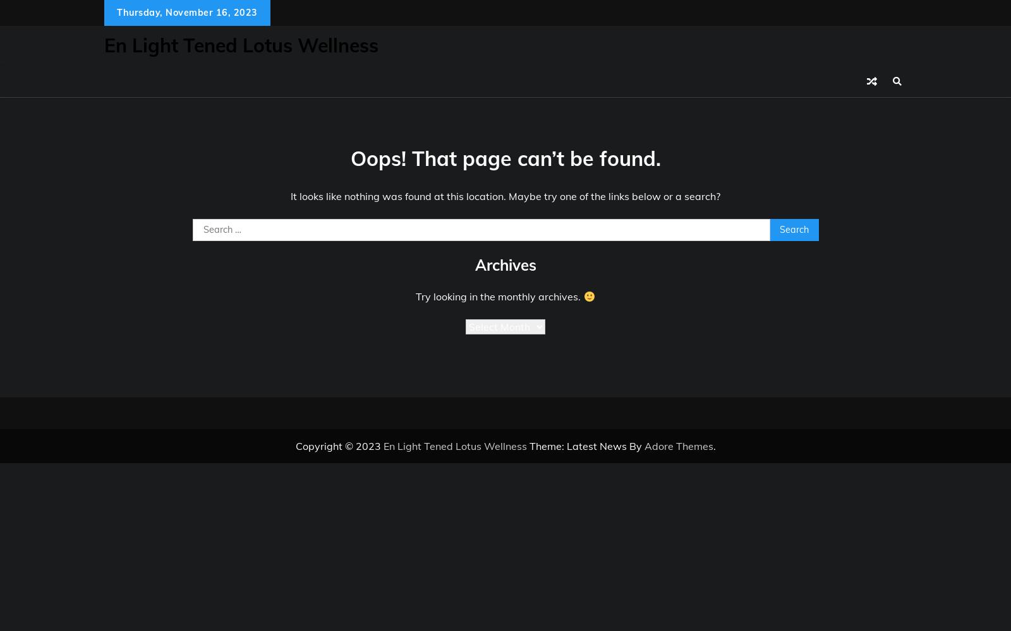 The image size is (1011, 631). What do you see at coordinates (678, 445) in the screenshot?
I see `'Adore Themes'` at bounding box center [678, 445].